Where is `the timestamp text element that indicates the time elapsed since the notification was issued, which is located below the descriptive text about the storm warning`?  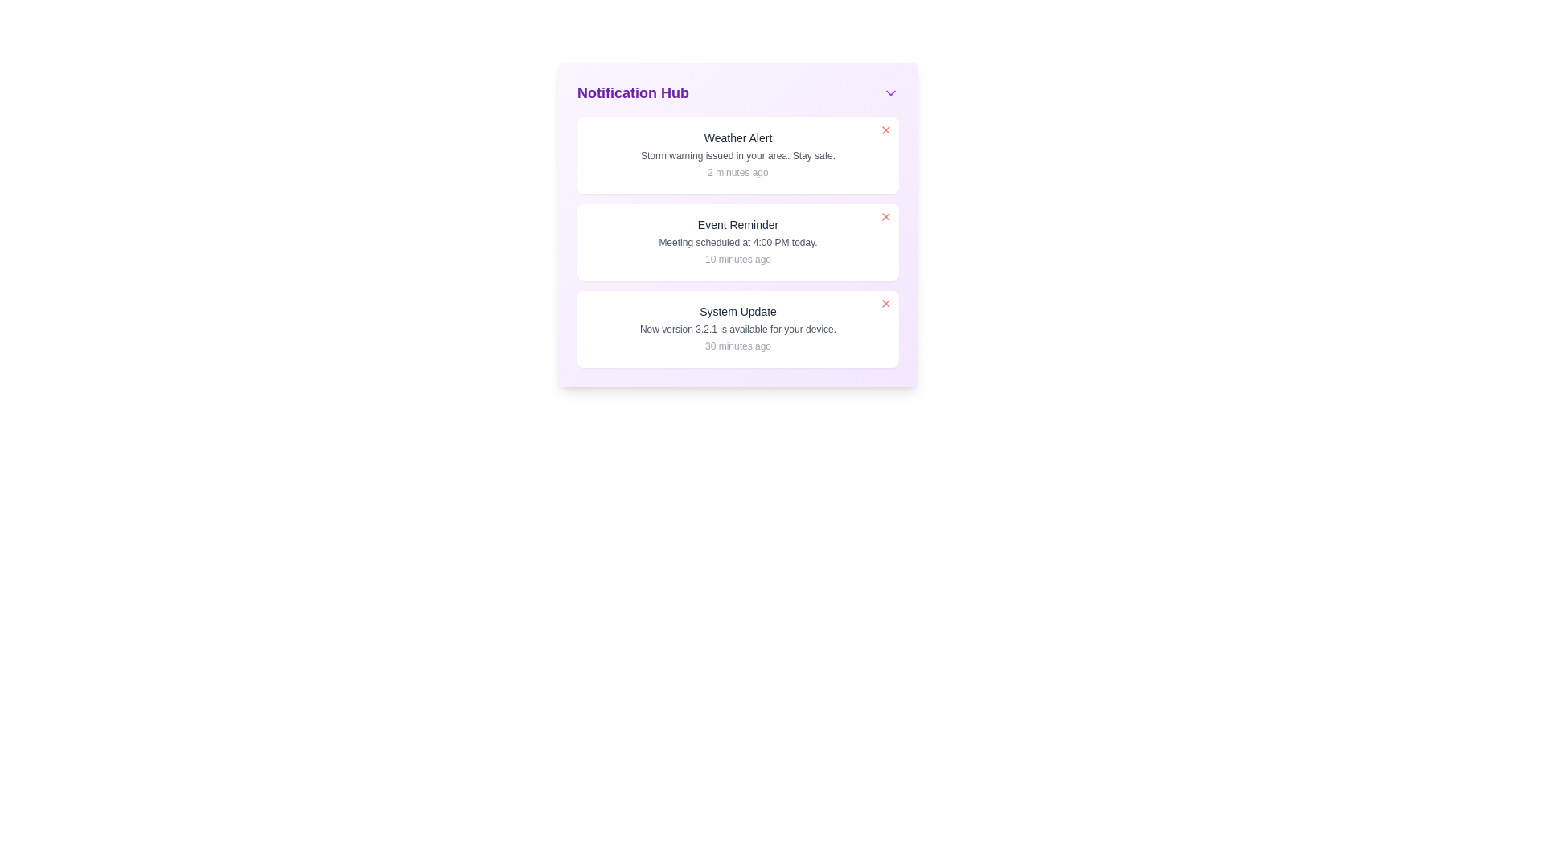
the timestamp text element that indicates the time elapsed since the notification was issued, which is located below the descriptive text about the storm warning is located at coordinates (737, 173).